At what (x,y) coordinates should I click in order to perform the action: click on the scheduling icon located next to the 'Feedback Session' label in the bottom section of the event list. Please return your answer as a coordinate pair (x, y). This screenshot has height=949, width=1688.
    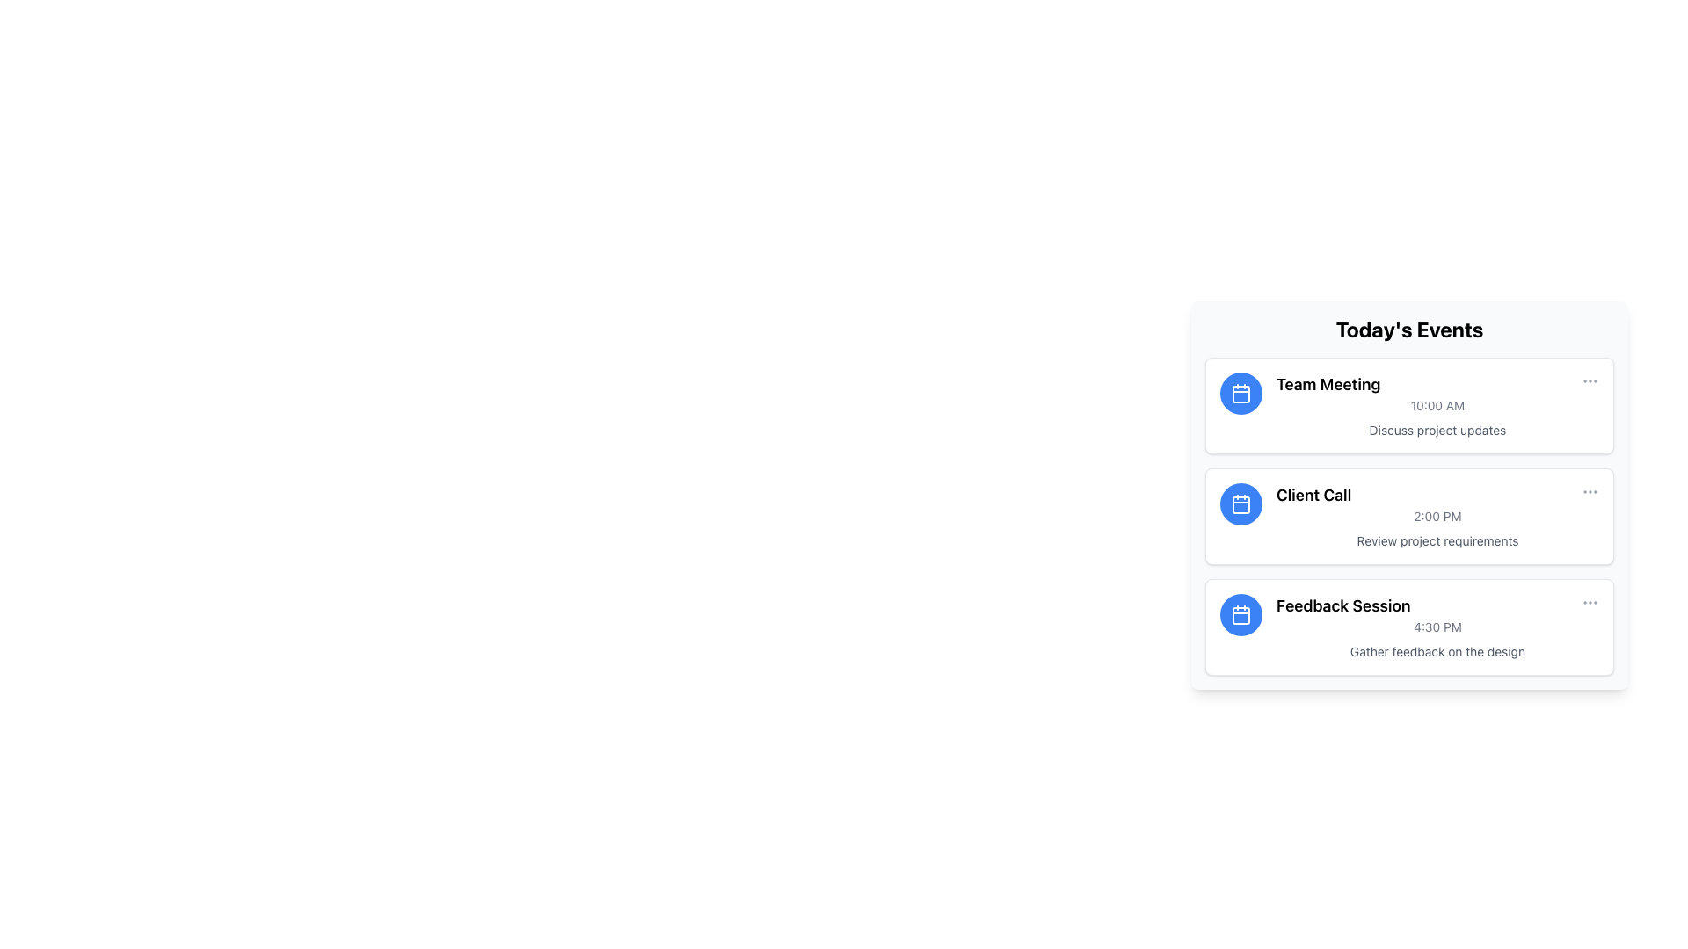
    Looking at the image, I should click on (1240, 613).